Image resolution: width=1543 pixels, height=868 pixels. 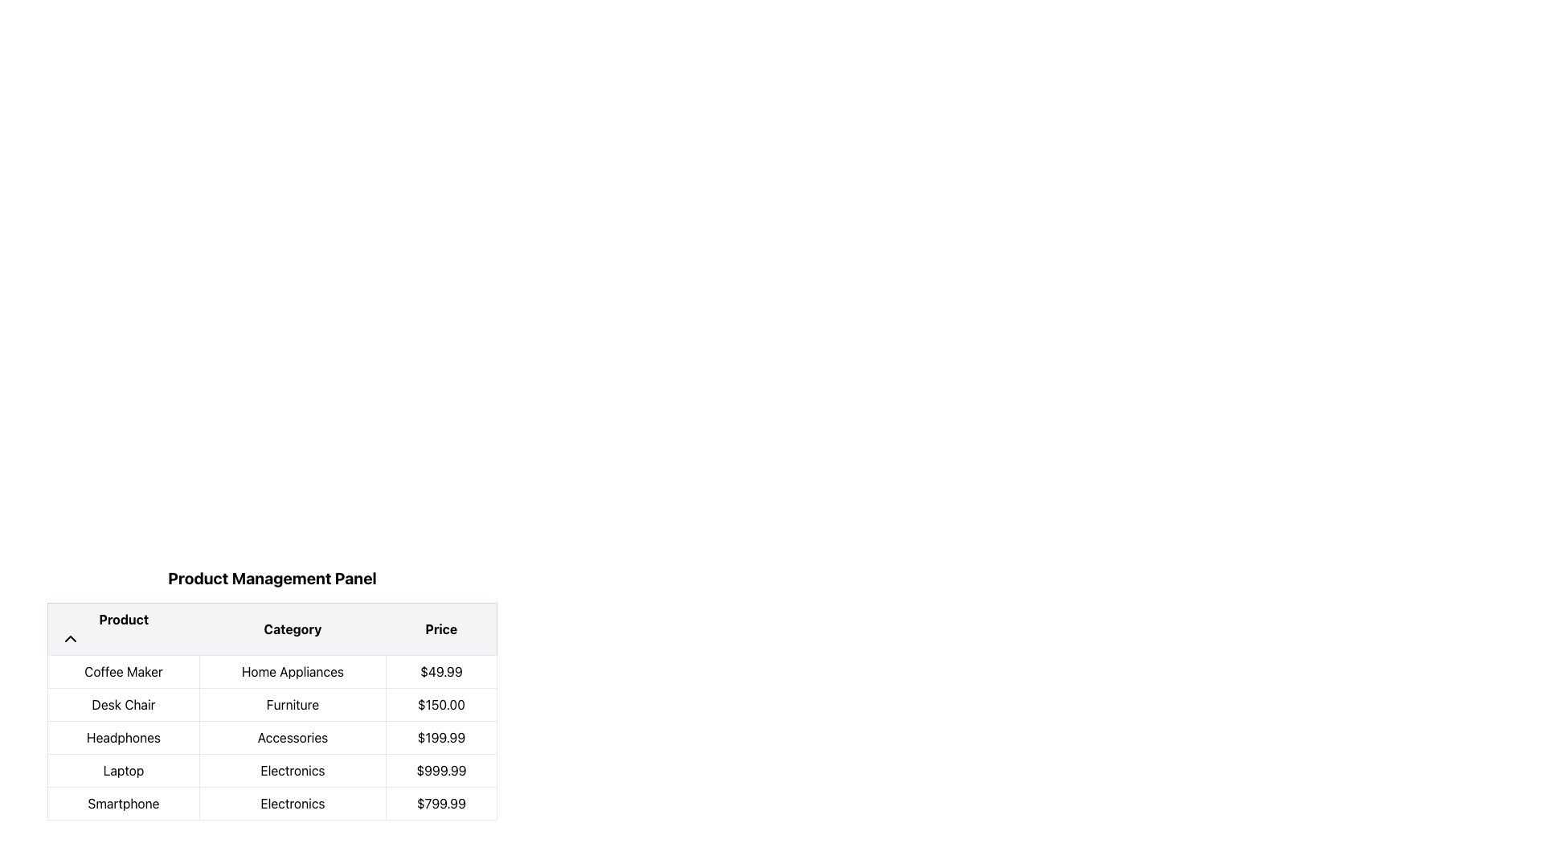 I want to click on the text block displaying 'Accessories', which is centrally aligned in a rectangular frame, located in the middle cell of the third row of a grid-like table, so click(x=293, y=738).